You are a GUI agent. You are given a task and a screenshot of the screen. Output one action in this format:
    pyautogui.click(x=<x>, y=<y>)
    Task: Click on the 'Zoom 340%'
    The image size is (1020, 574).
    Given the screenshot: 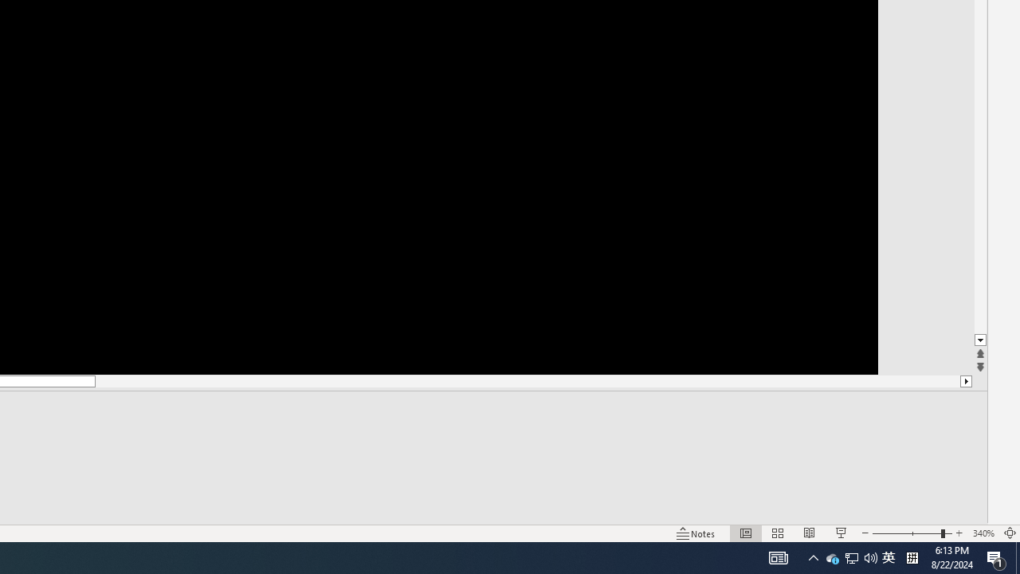 What is the action you would take?
    pyautogui.click(x=983, y=533)
    